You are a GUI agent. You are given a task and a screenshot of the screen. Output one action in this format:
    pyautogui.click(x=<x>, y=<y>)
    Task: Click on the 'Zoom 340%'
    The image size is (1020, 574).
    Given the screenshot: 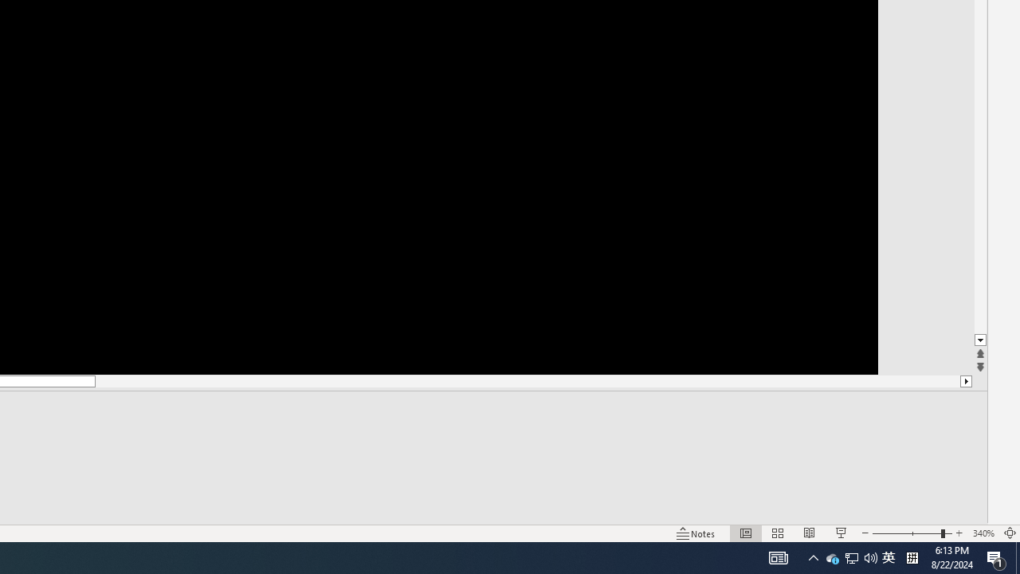 What is the action you would take?
    pyautogui.click(x=983, y=533)
    